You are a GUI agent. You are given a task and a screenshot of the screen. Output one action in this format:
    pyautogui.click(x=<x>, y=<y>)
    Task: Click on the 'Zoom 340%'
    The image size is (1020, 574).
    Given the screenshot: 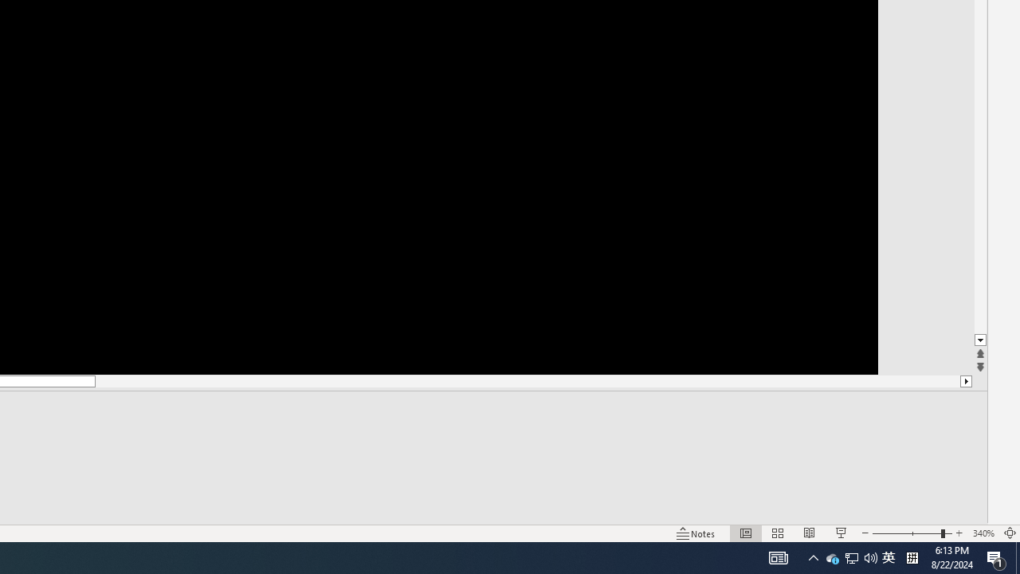 What is the action you would take?
    pyautogui.click(x=983, y=533)
    